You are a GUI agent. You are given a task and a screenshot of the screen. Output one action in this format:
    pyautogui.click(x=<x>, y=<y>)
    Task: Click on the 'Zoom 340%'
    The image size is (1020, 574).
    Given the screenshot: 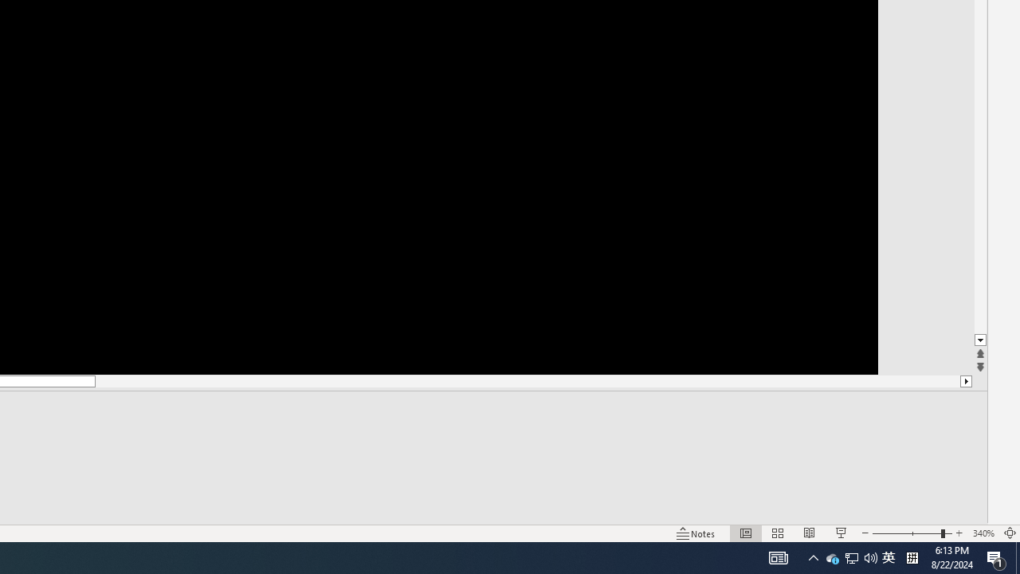 What is the action you would take?
    pyautogui.click(x=983, y=533)
    